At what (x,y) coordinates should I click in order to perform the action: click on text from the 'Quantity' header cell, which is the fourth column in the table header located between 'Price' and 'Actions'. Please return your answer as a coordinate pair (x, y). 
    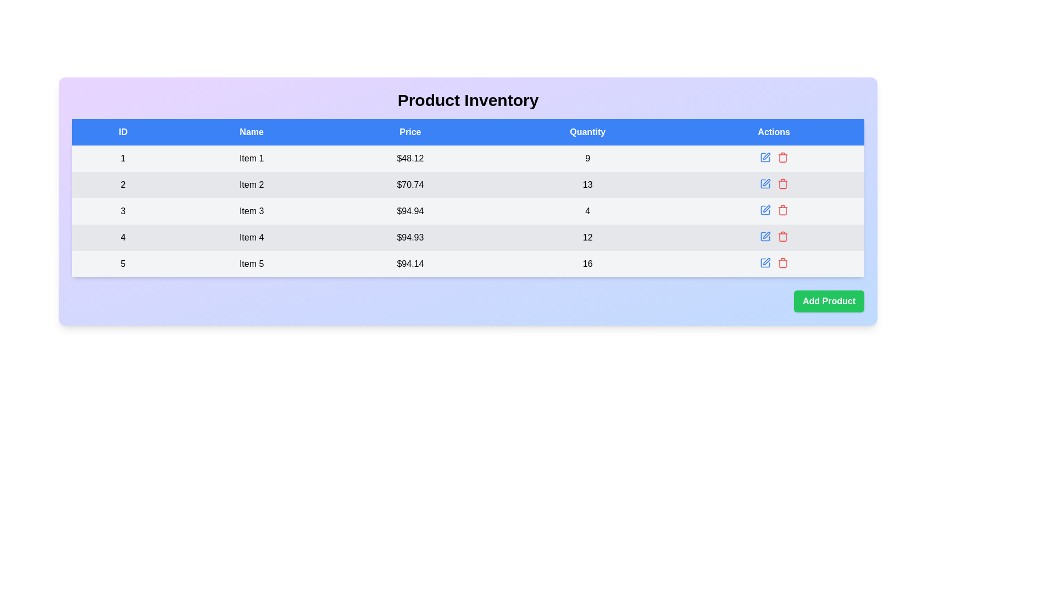
    Looking at the image, I should click on (587, 131).